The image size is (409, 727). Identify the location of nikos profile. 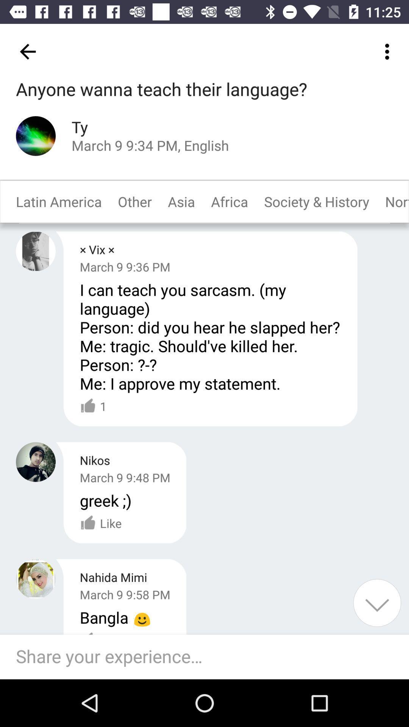
(36, 462).